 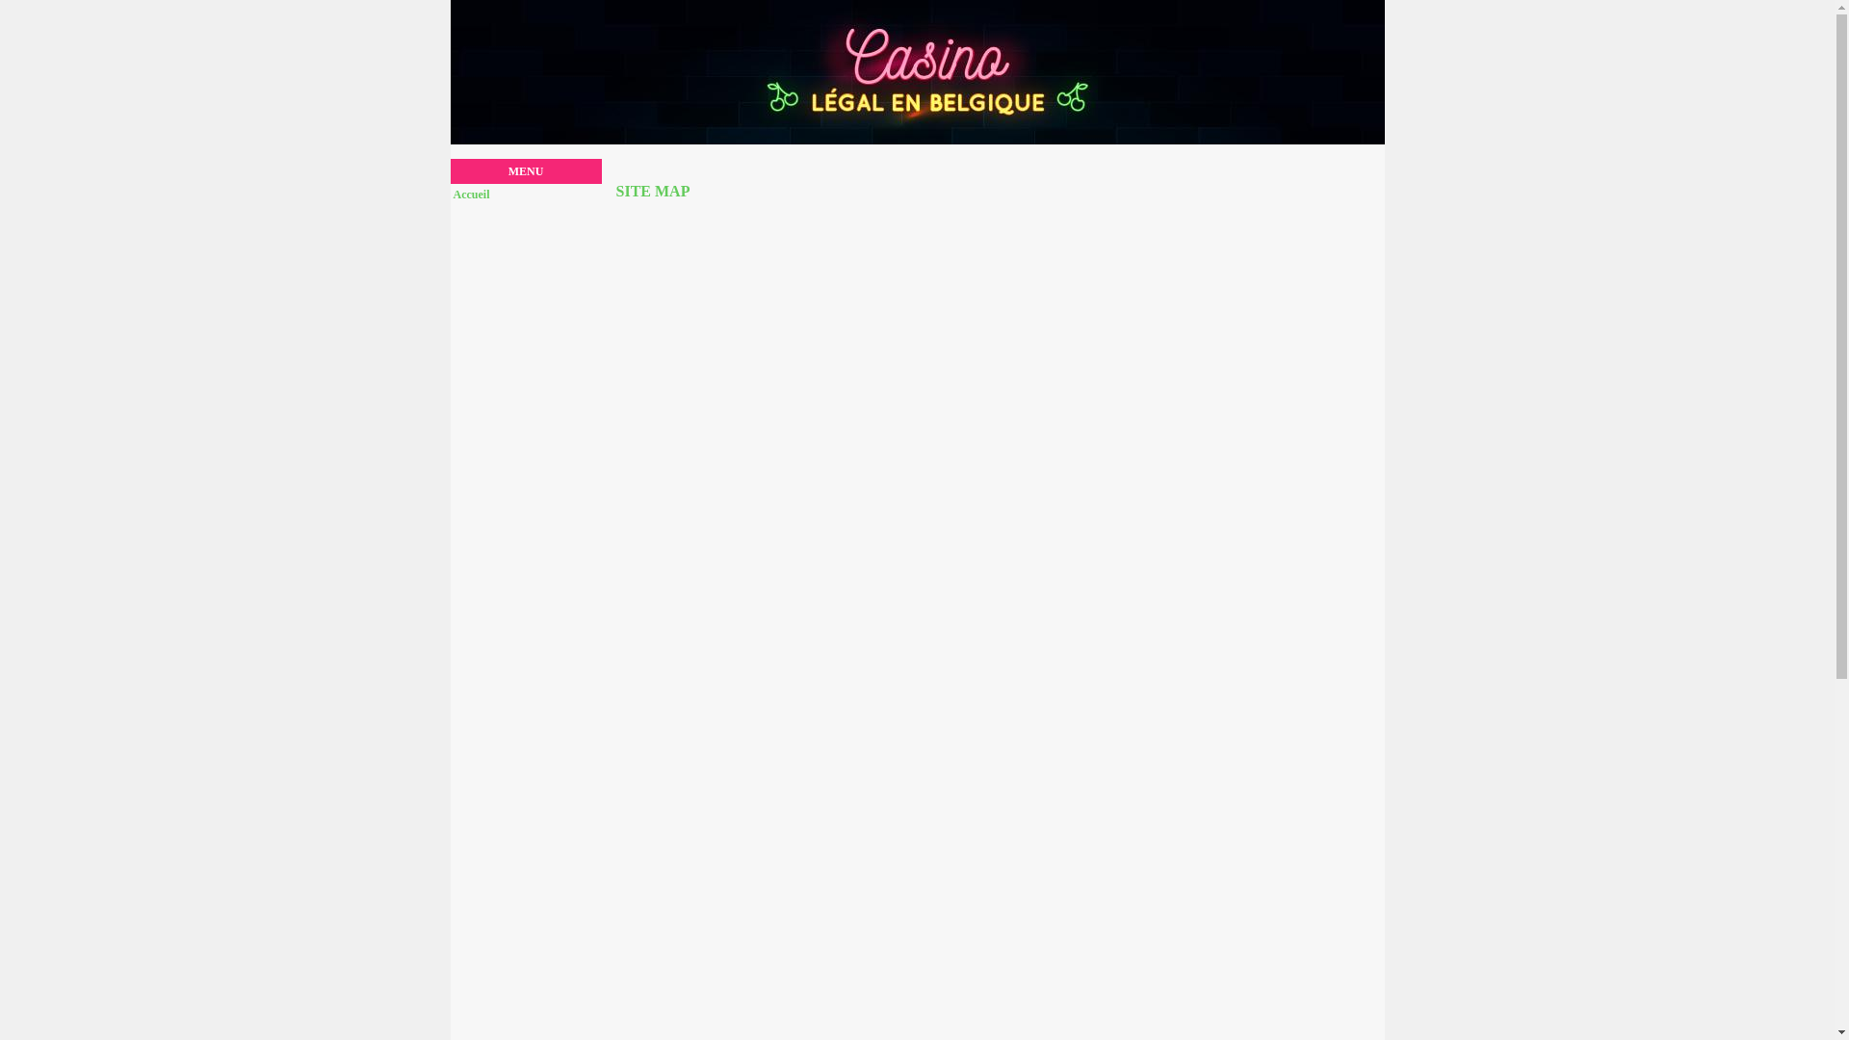 What do you see at coordinates (452, 194) in the screenshot?
I see `'Accueil'` at bounding box center [452, 194].